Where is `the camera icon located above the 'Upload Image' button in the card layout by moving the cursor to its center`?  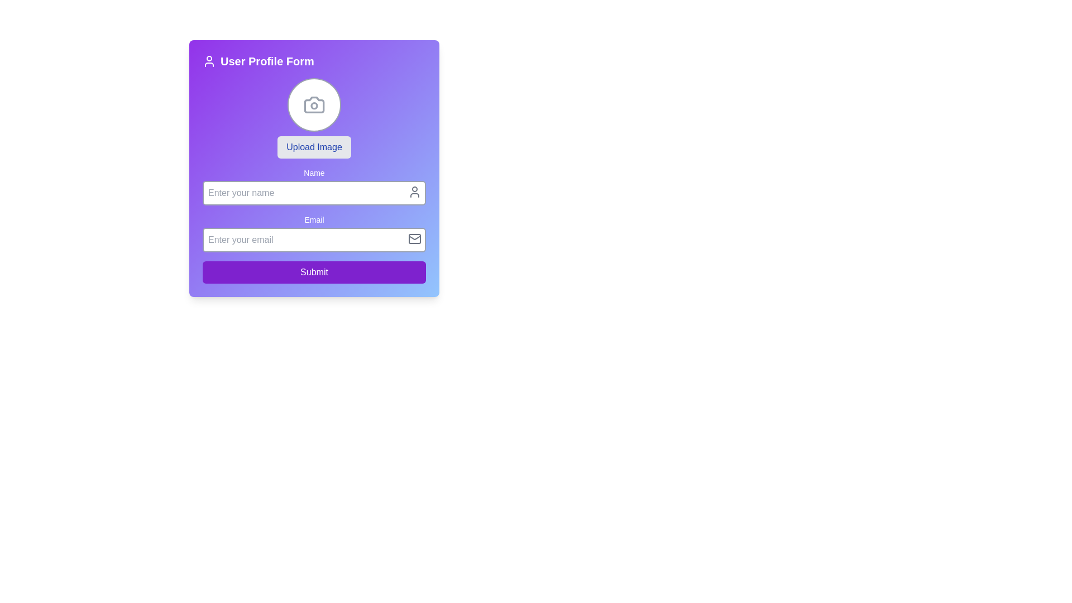 the camera icon located above the 'Upload Image' button in the card layout by moving the cursor to its center is located at coordinates (313, 105).